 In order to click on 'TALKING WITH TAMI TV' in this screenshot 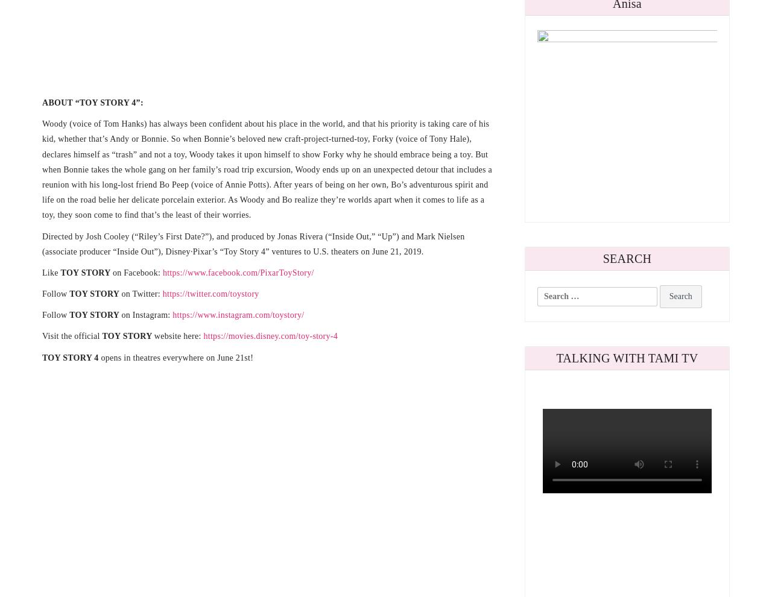, I will do `click(627, 358)`.